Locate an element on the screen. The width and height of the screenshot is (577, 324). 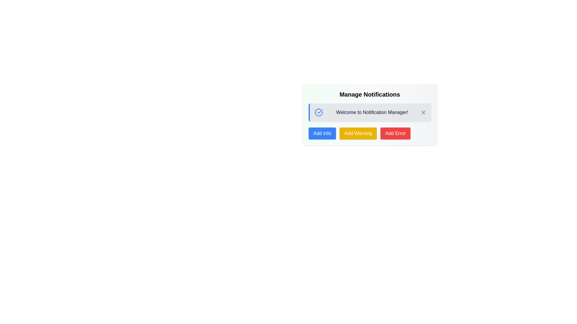
the dismissal button located inside the notification box, positioned to the far right of the notification text 'Welcome to Notification Manager!' is located at coordinates (423, 112).